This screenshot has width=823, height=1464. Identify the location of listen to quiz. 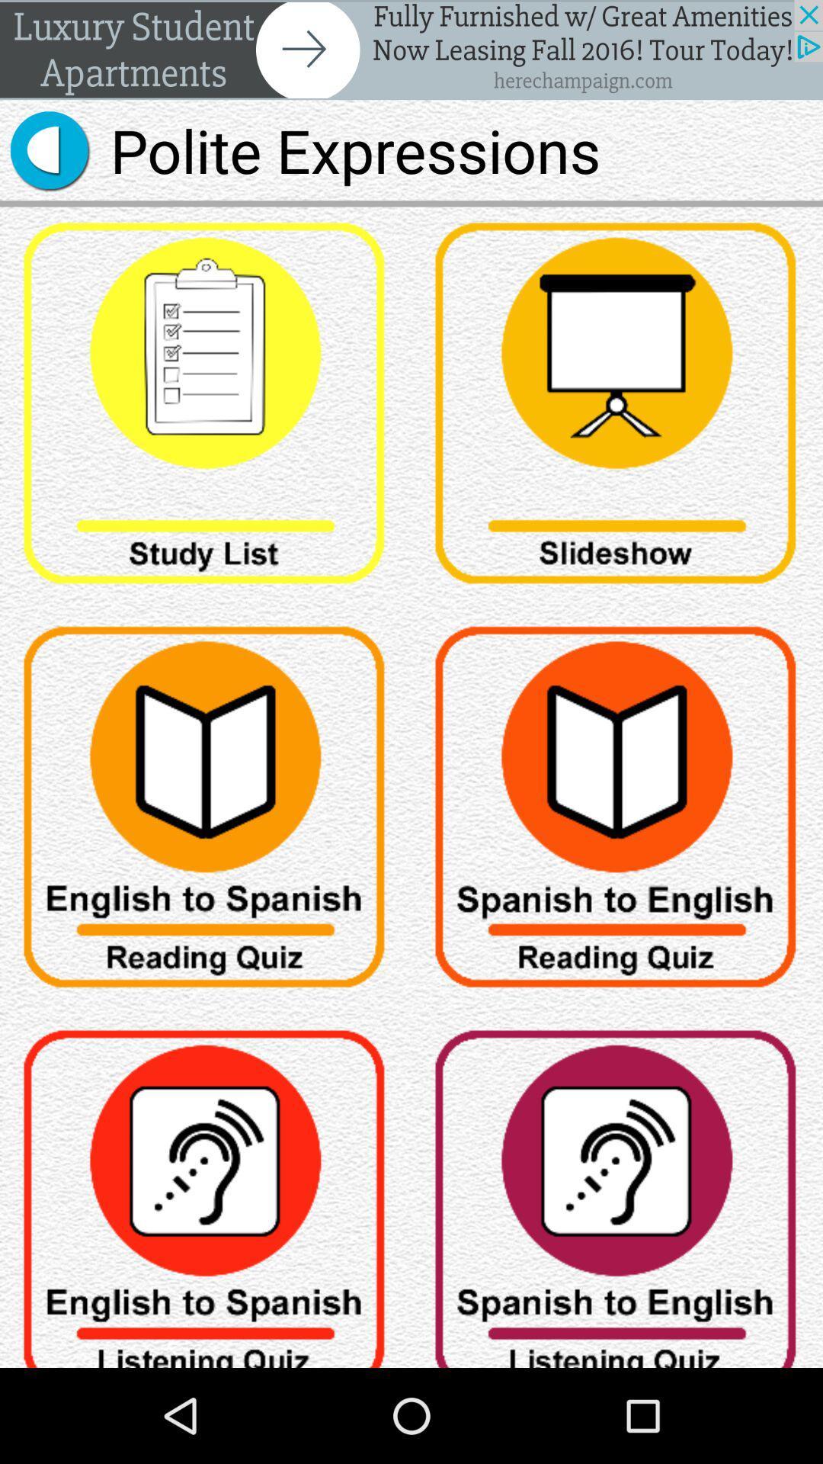
(617, 1190).